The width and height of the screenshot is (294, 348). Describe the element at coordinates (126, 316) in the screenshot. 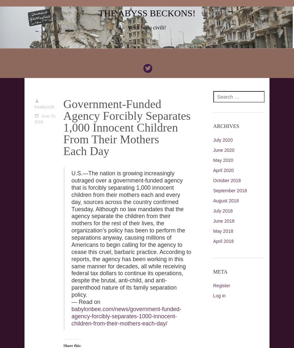

I see `'babylonbee.com/news/government-funded-agency-forcibly-separates-1000-innocent-children-from-their-mothers-each-day/'` at that location.